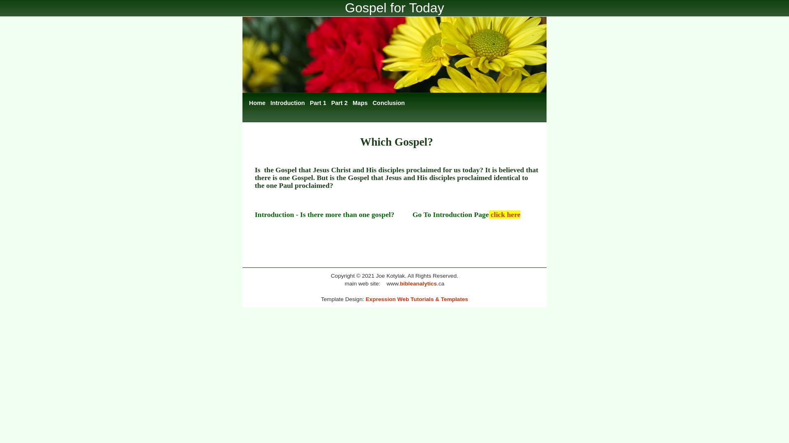 This screenshot has height=443, width=789. I want to click on 'Part 2', so click(329, 103).